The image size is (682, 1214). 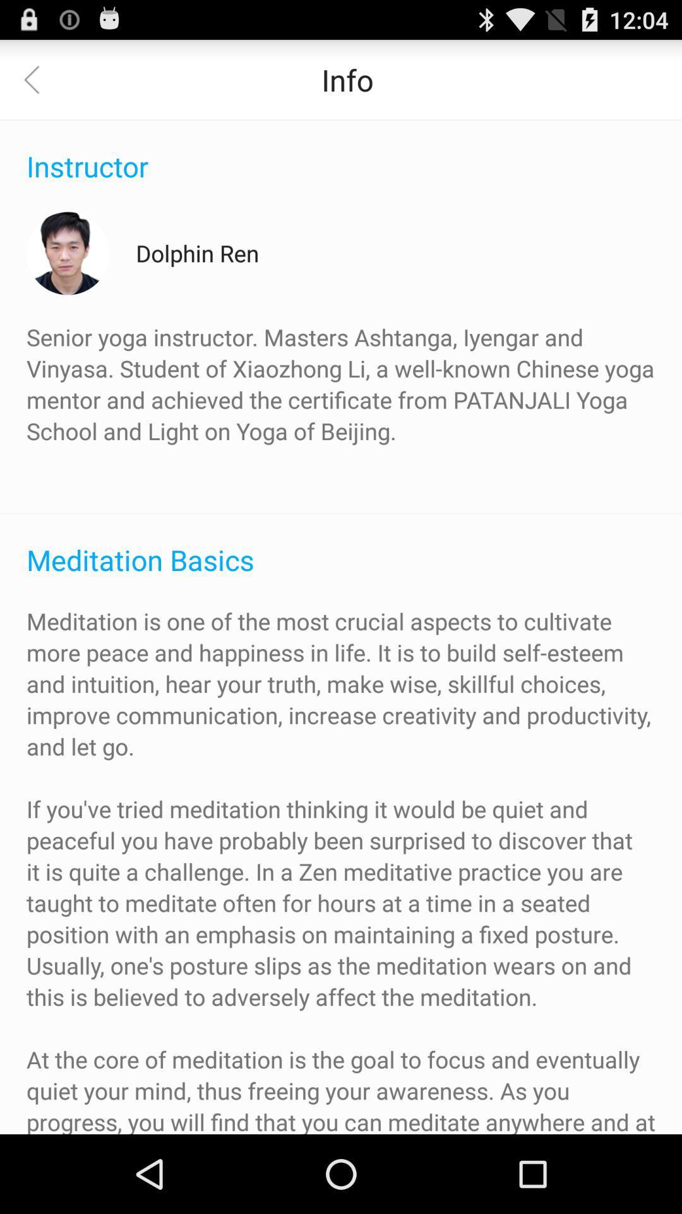 What do you see at coordinates (39, 84) in the screenshot?
I see `the arrow_backward icon` at bounding box center [39, 84].